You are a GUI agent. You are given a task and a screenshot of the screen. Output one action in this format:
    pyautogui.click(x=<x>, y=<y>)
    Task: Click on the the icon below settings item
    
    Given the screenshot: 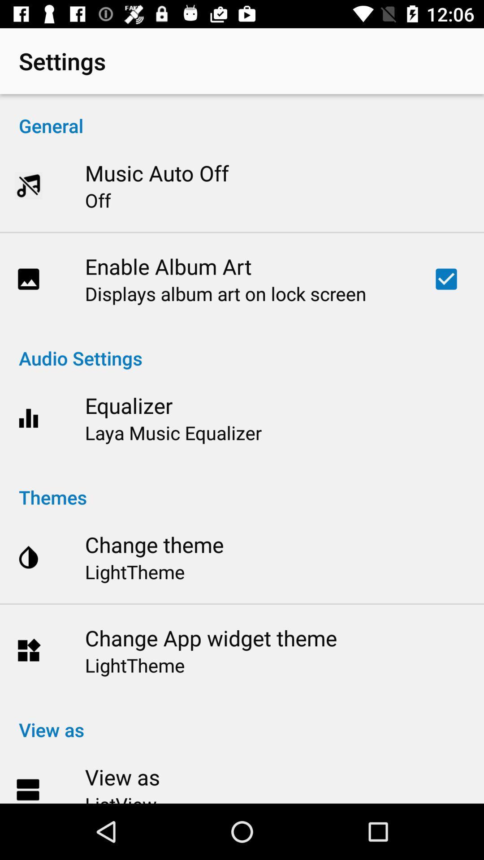 What is the action you would take?
    pyautogui.click(x=242, y=116)
    